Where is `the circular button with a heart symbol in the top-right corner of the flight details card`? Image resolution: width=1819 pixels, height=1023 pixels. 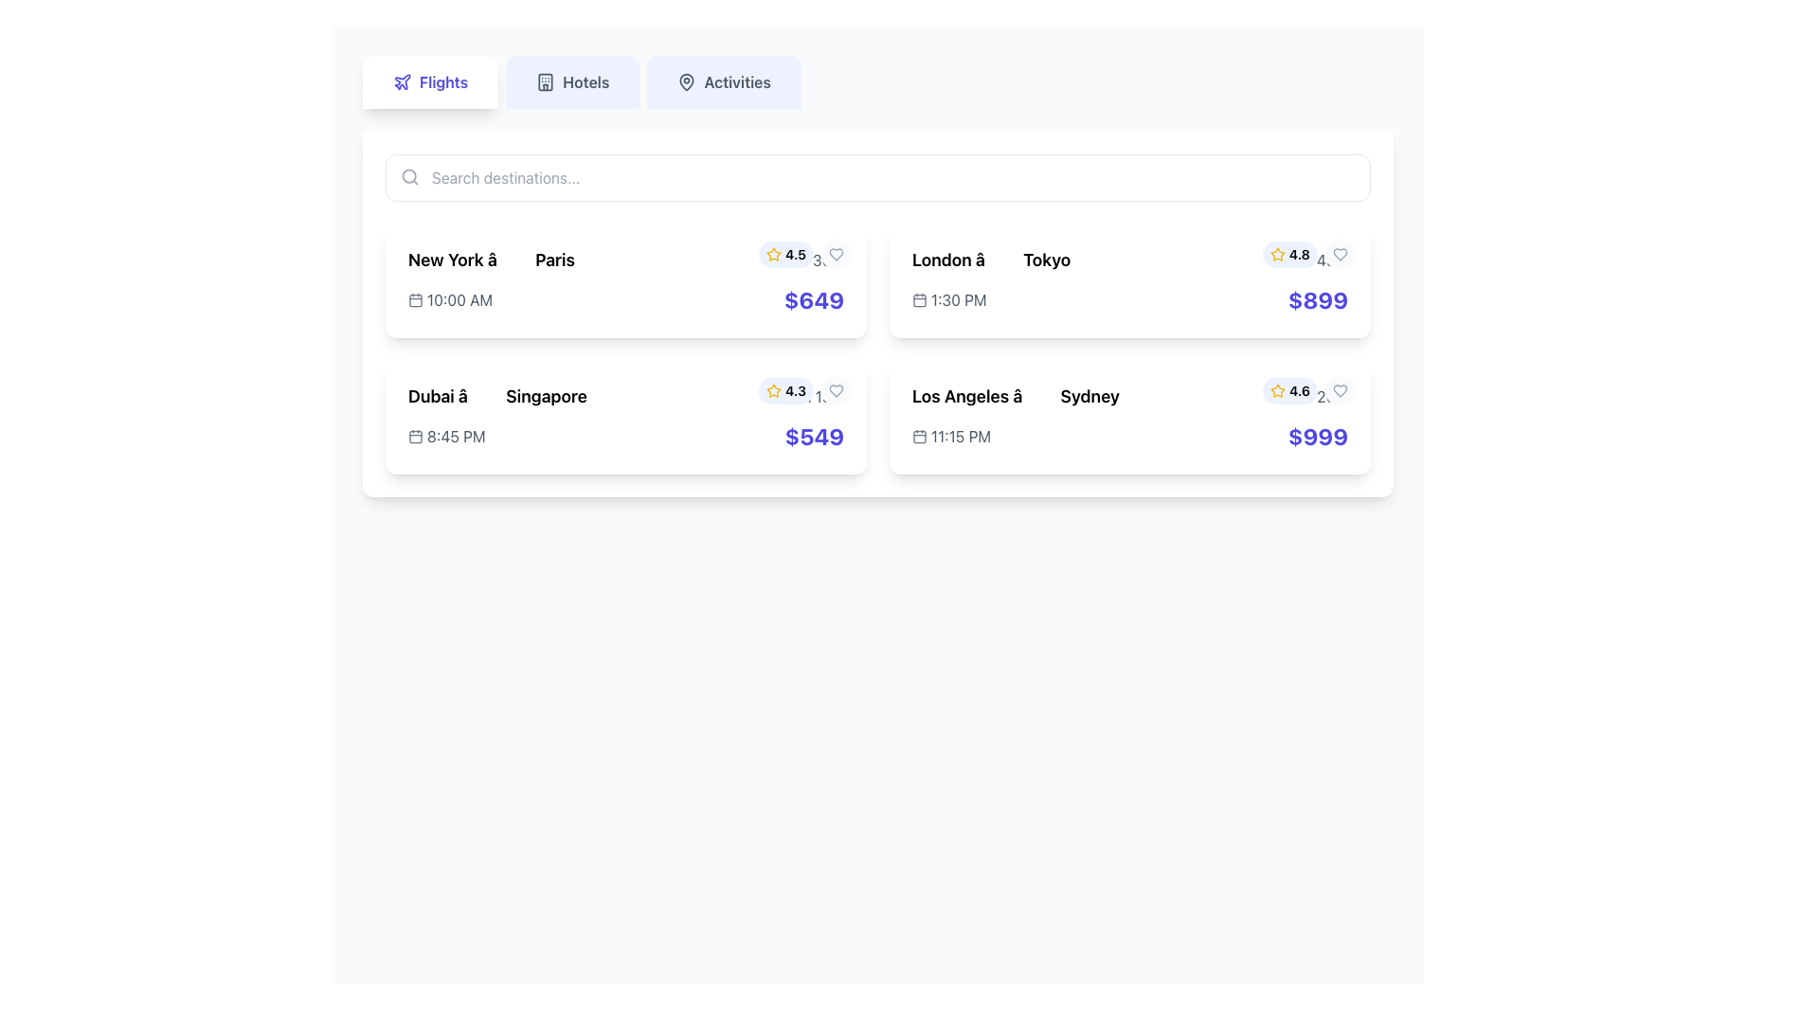 the circular button with a heart symbol in the top-right corner of the flight details card is located at coordinates (836, 254).